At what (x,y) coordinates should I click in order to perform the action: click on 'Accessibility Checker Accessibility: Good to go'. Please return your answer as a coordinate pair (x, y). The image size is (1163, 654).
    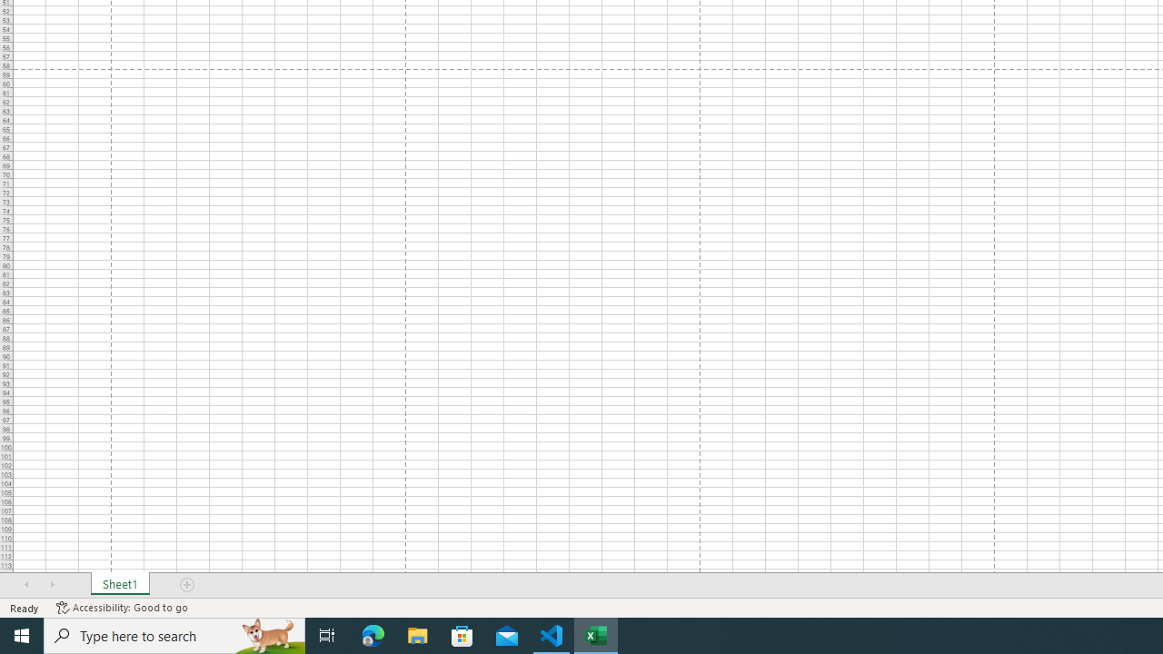
    Looking at the image, I should click on (121, 608).